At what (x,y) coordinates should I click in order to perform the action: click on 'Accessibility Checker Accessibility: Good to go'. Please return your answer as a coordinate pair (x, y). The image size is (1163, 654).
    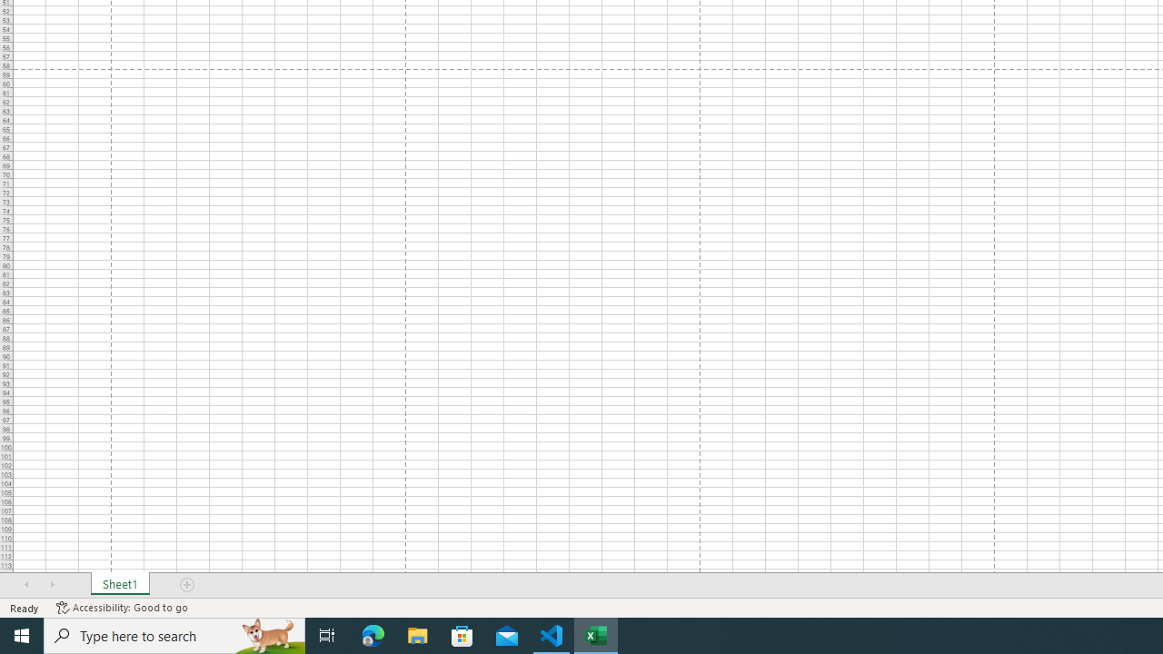
    Looking at the image, I should click on (121, 608).